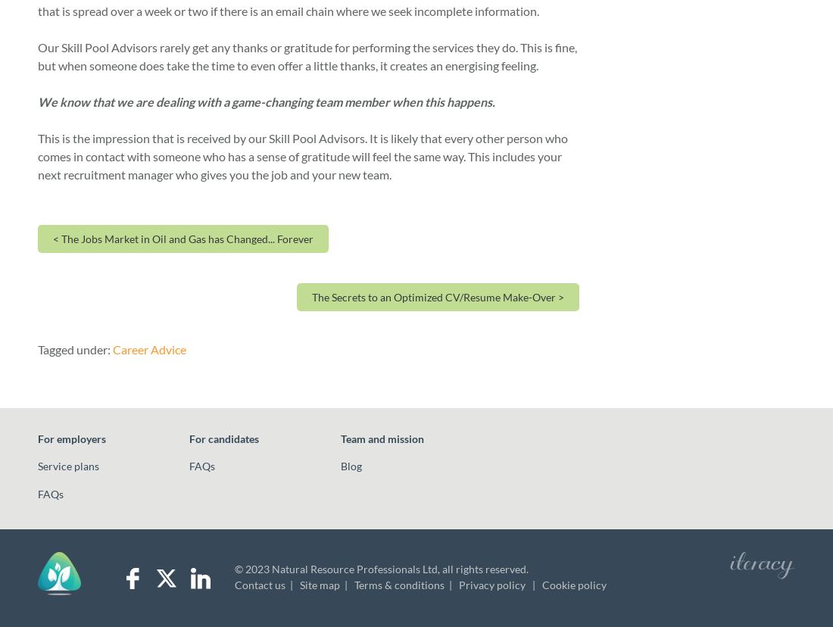 This screenshot has height=627, width=833. I want to click on 'Natural Resource Professionals Ltd', so click(354, 567).